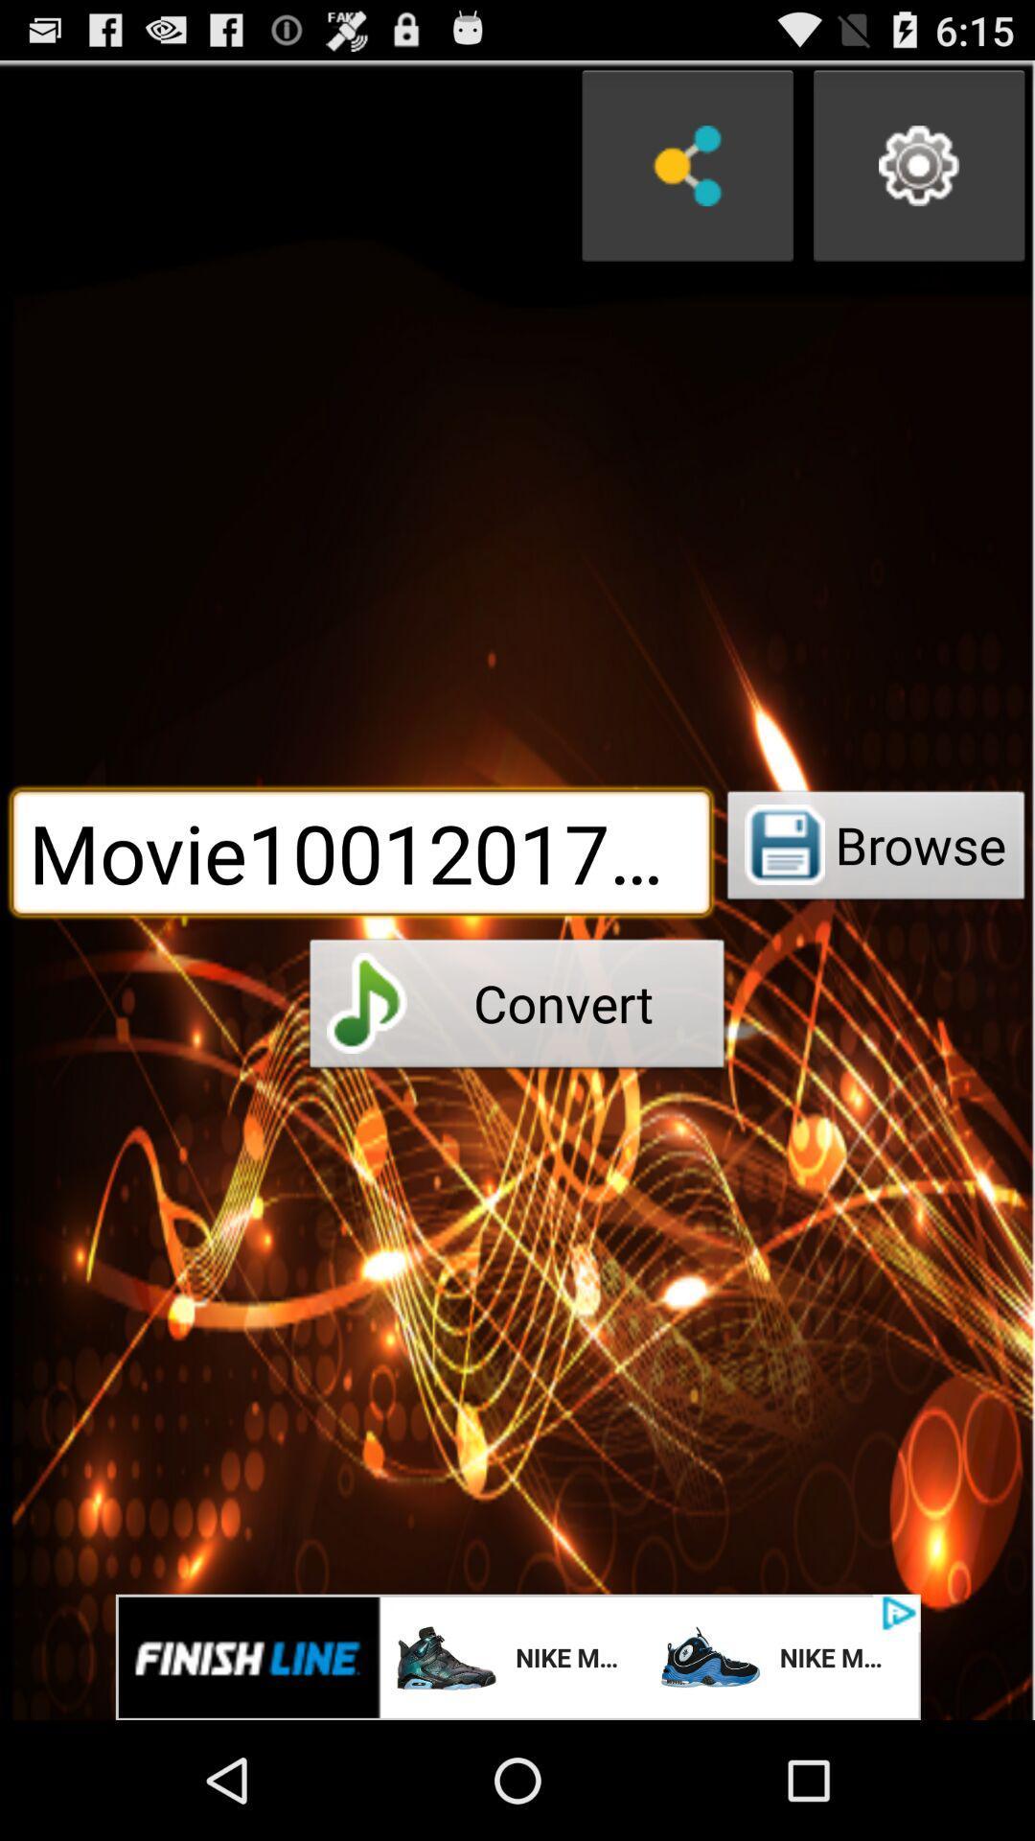  I want to click on settings, so click(918, 166).